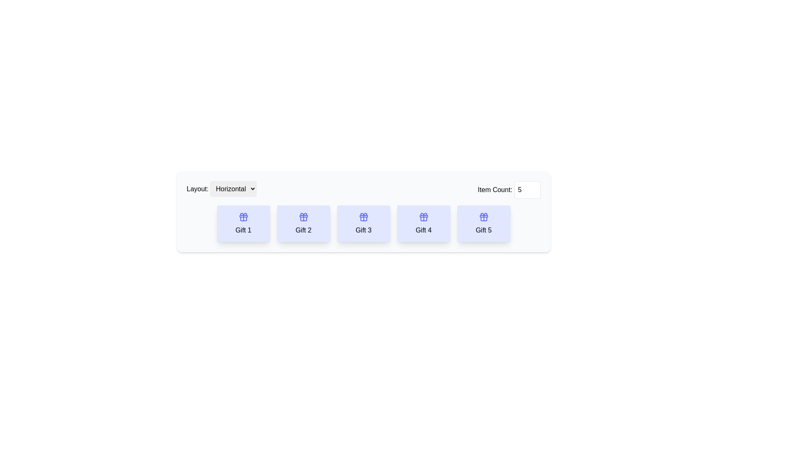 The height and width of the screenshot is (450, 801). What do you see at coordinates (484, 216) in the screenshot?
I see `the top horizontal bar of the gift icon representing 'Gift 5', which is a rectangular bar-like shape located on the far right of the horizontal list of gift items` at bounding box center [484, 216].